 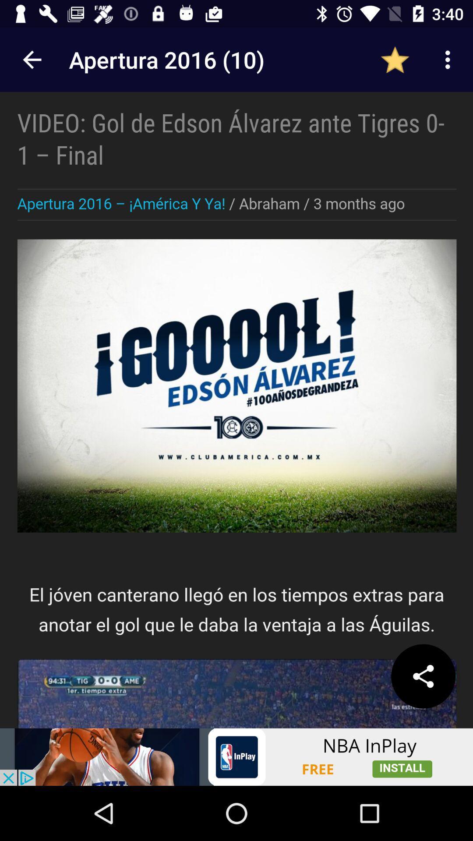 What do you see at coordinates (423, 676) in the screenshot?
I see `share the option` at bounding box center [423, 676].